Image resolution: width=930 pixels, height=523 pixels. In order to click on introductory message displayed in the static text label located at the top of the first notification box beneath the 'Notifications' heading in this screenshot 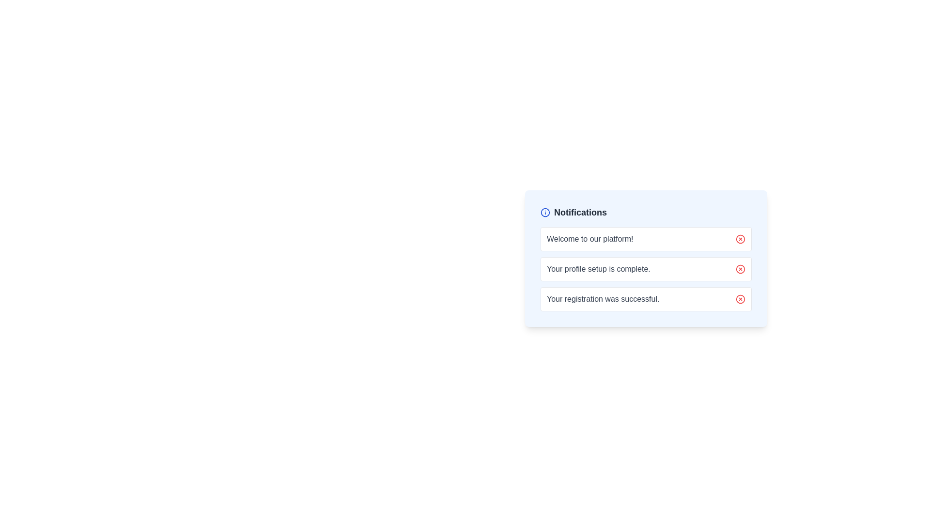, I will do `click(589, 239)`.